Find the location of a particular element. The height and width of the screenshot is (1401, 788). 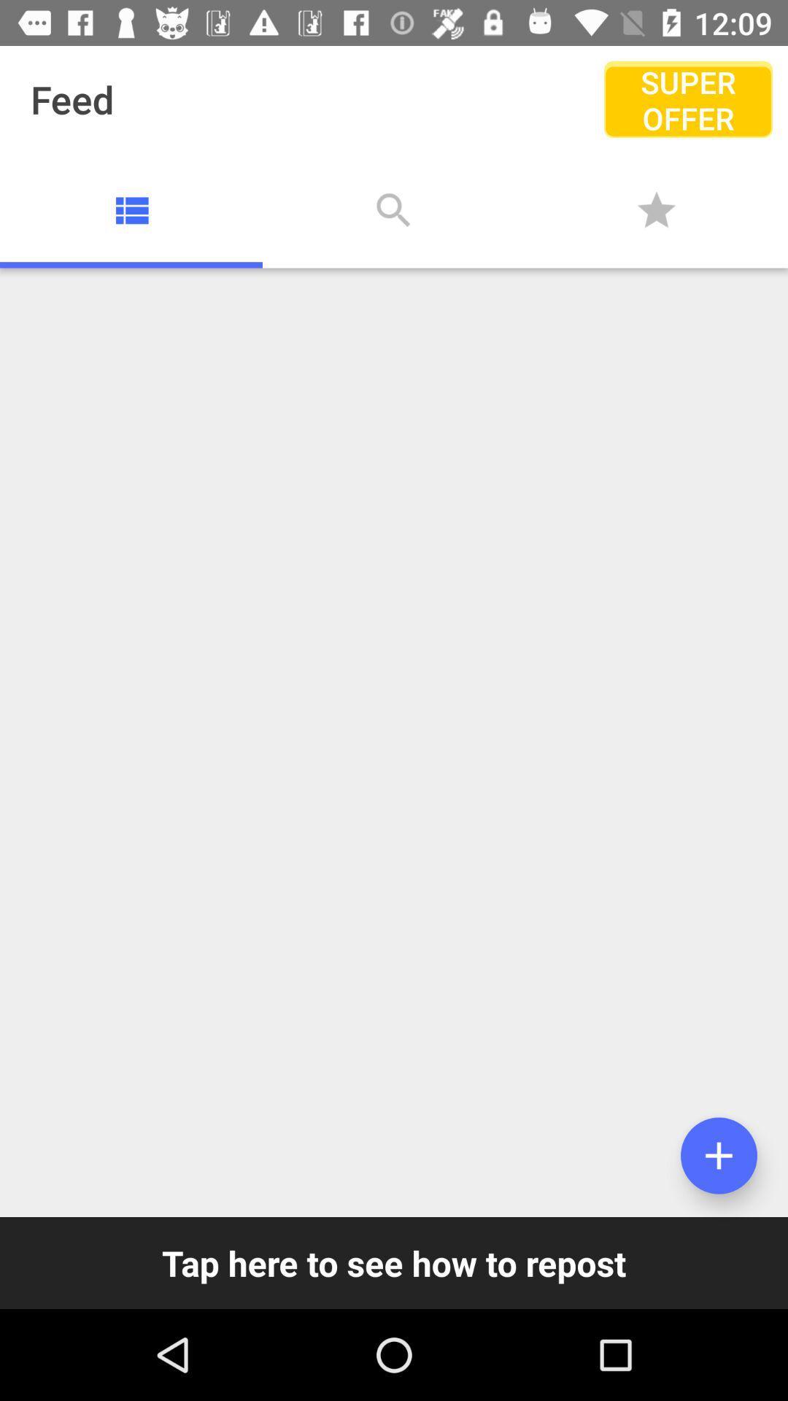

the add icon is located at coordinates (718, 1155).